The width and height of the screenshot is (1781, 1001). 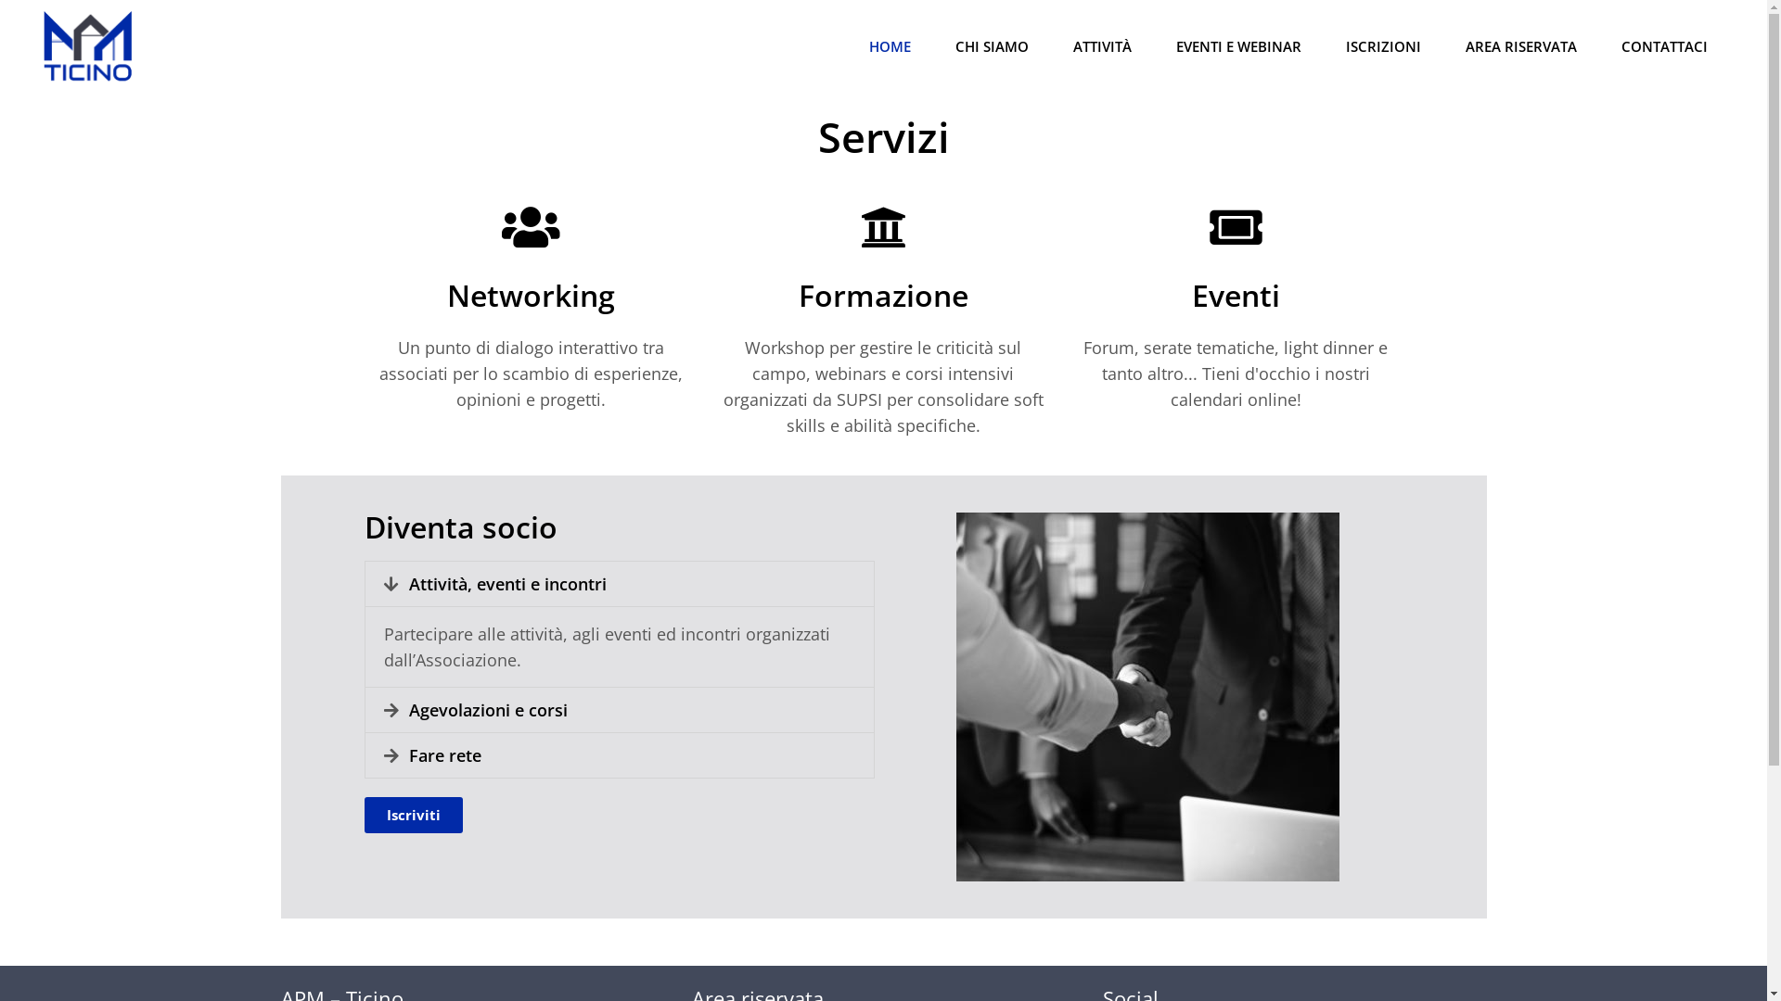 What do you see at coordinates (487, 709) in the screenshot?
I see `'Agevolazioni e corsi'` at bounding box center [487, 709].